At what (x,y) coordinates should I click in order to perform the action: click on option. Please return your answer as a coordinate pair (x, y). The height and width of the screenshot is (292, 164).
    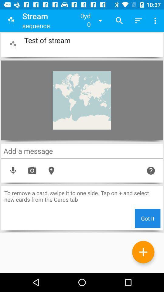
    Looking at the image, I should click on (143, 252).